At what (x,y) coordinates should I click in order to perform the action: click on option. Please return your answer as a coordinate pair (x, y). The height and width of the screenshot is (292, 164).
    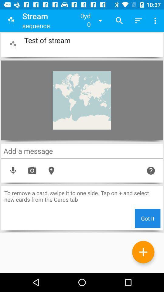
    Looking at the image, I should click on (143, 252).